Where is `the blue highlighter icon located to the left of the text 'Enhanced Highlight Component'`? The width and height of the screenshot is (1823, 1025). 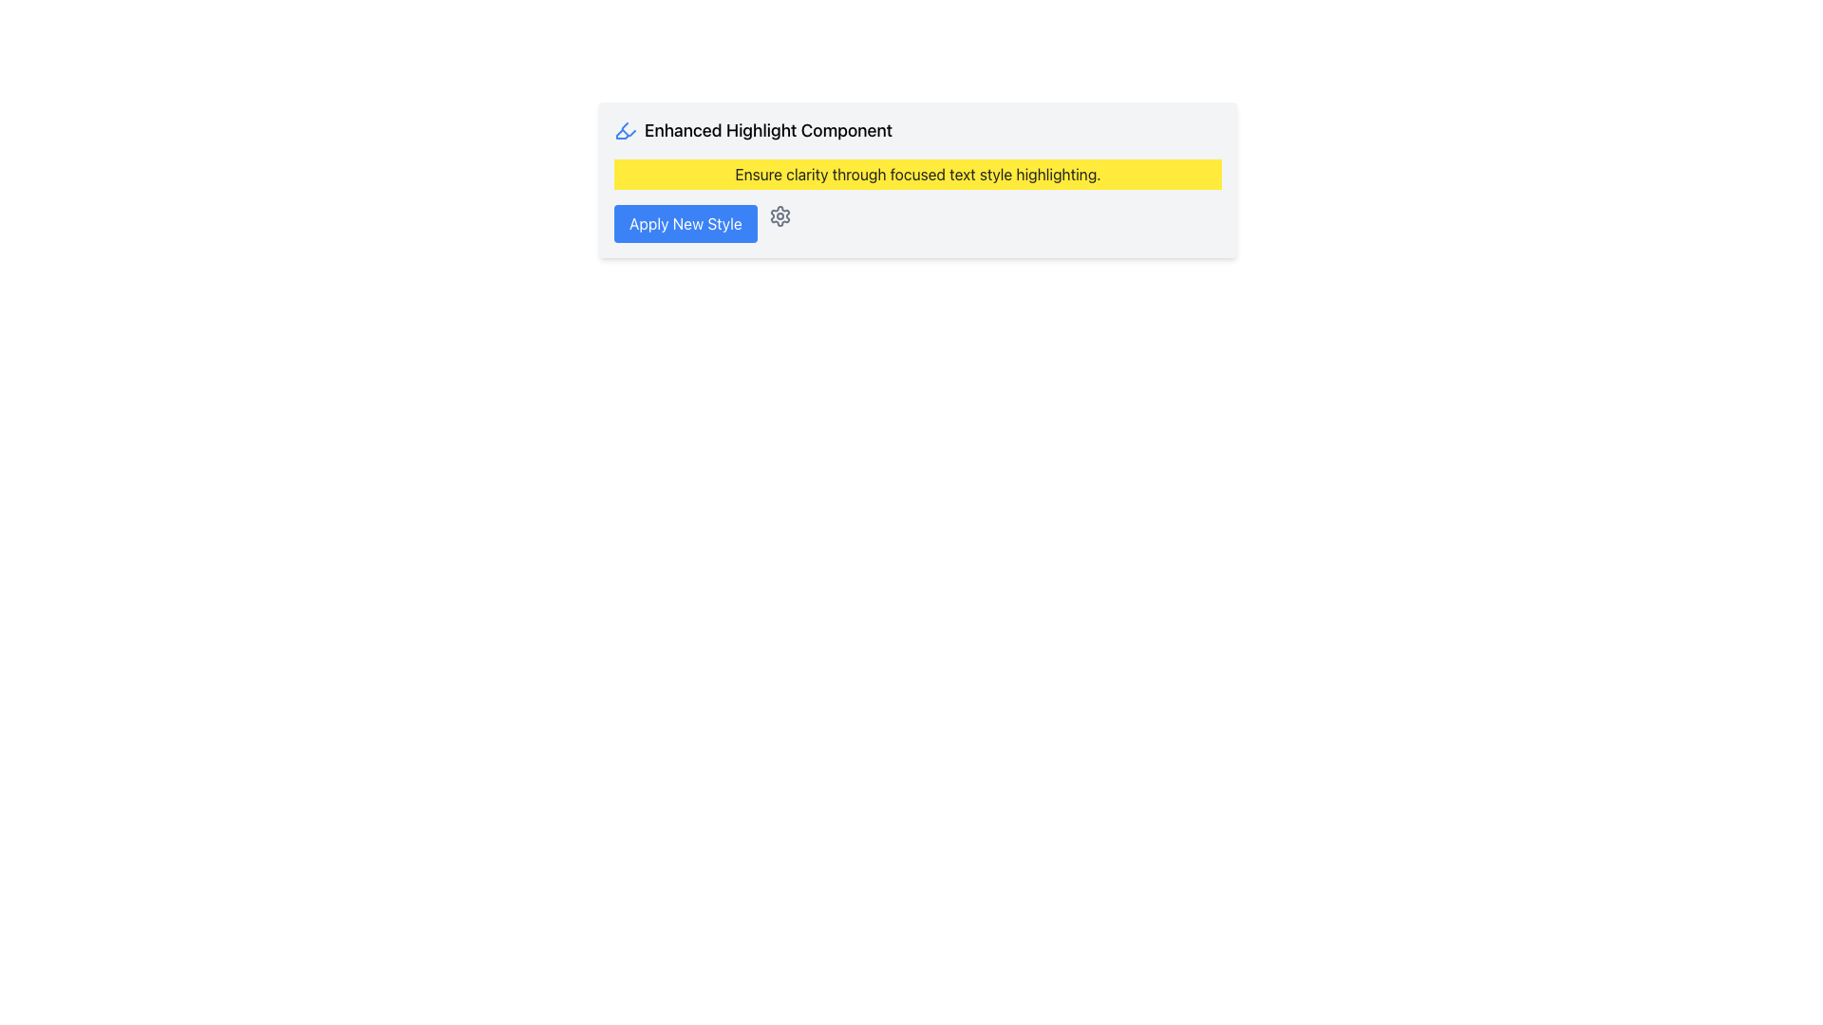 the blue highlighter icon located to the left of the text 'Enhanced Highlight Component' is located at coordinates (625, 130).